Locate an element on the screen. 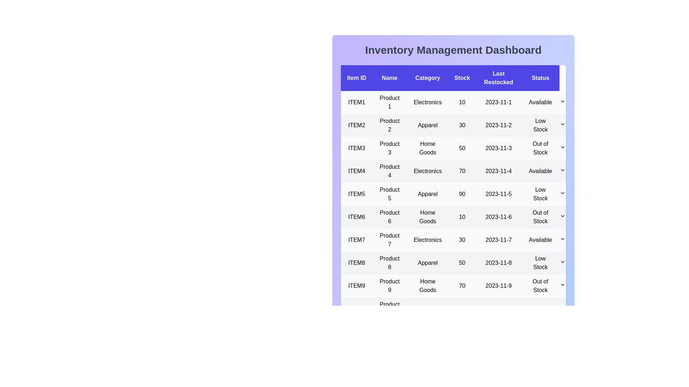  the column header Item ID to sort the data by that column is located at coordinates (356, 78).